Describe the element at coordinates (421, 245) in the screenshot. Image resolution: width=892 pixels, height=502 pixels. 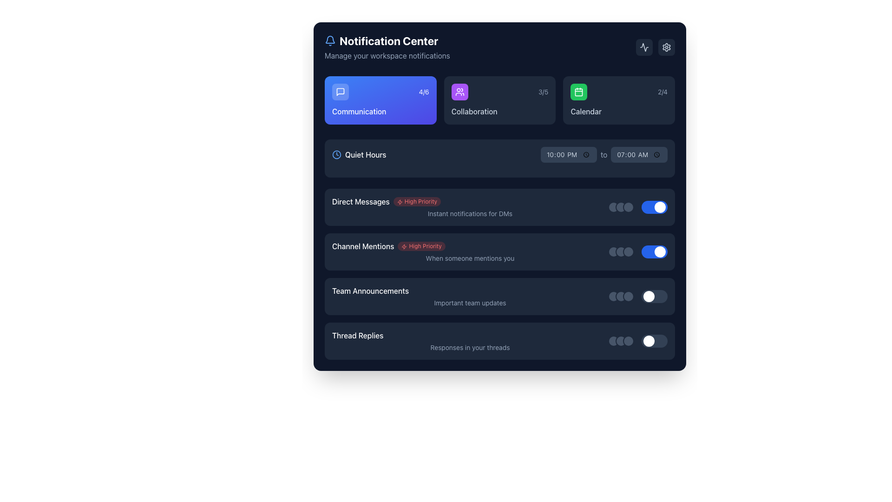
I see `the 'High Priority' badge label, which has a light red background and red text, located in the 'Channel Mentions' section of the notification settings` at that location.